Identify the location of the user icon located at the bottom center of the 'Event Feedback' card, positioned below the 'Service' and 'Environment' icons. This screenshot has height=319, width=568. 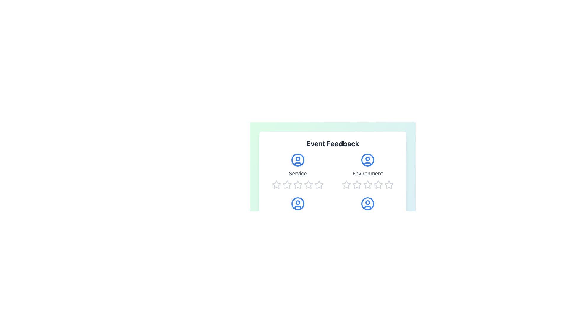
(298, 204).